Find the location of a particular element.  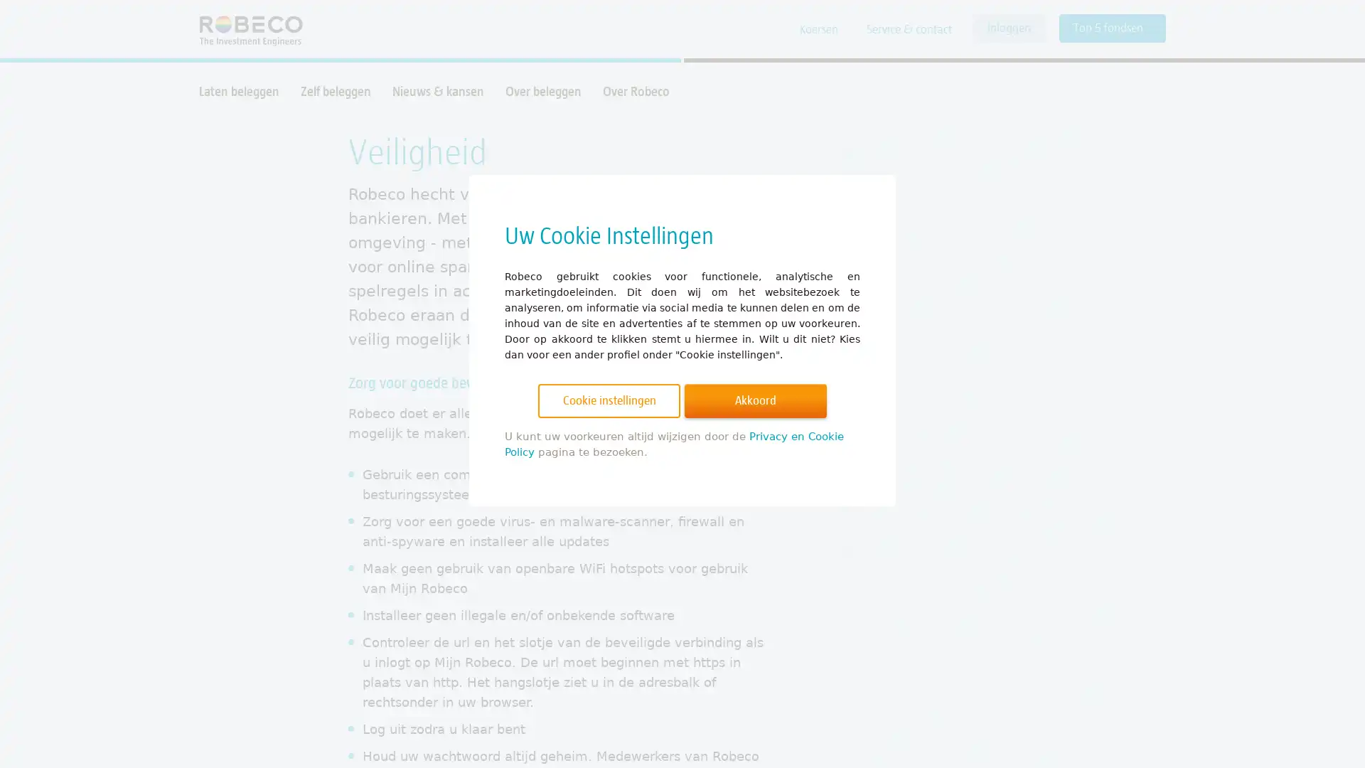

Service & contact is located at coordinates (908, 30).